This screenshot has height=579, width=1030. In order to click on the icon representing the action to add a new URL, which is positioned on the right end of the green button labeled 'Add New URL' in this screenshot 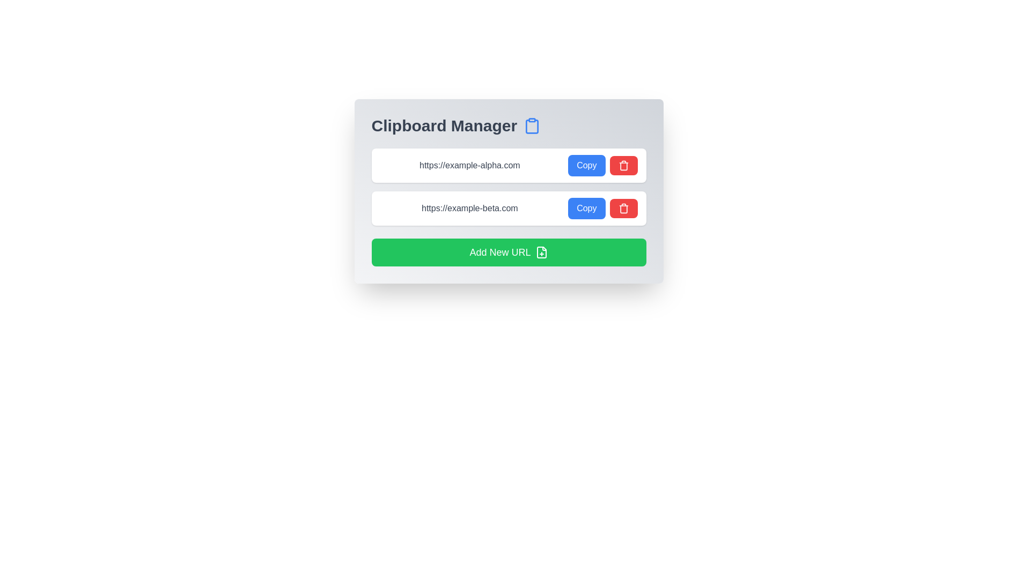, I will do `click(541, 252)`.